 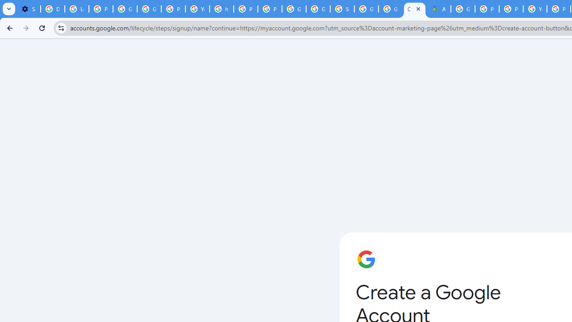 What do you see at coordinates (414, 9) in the screenshot?
I see `'Create your Google Account'` at bounding box center [414, 9].